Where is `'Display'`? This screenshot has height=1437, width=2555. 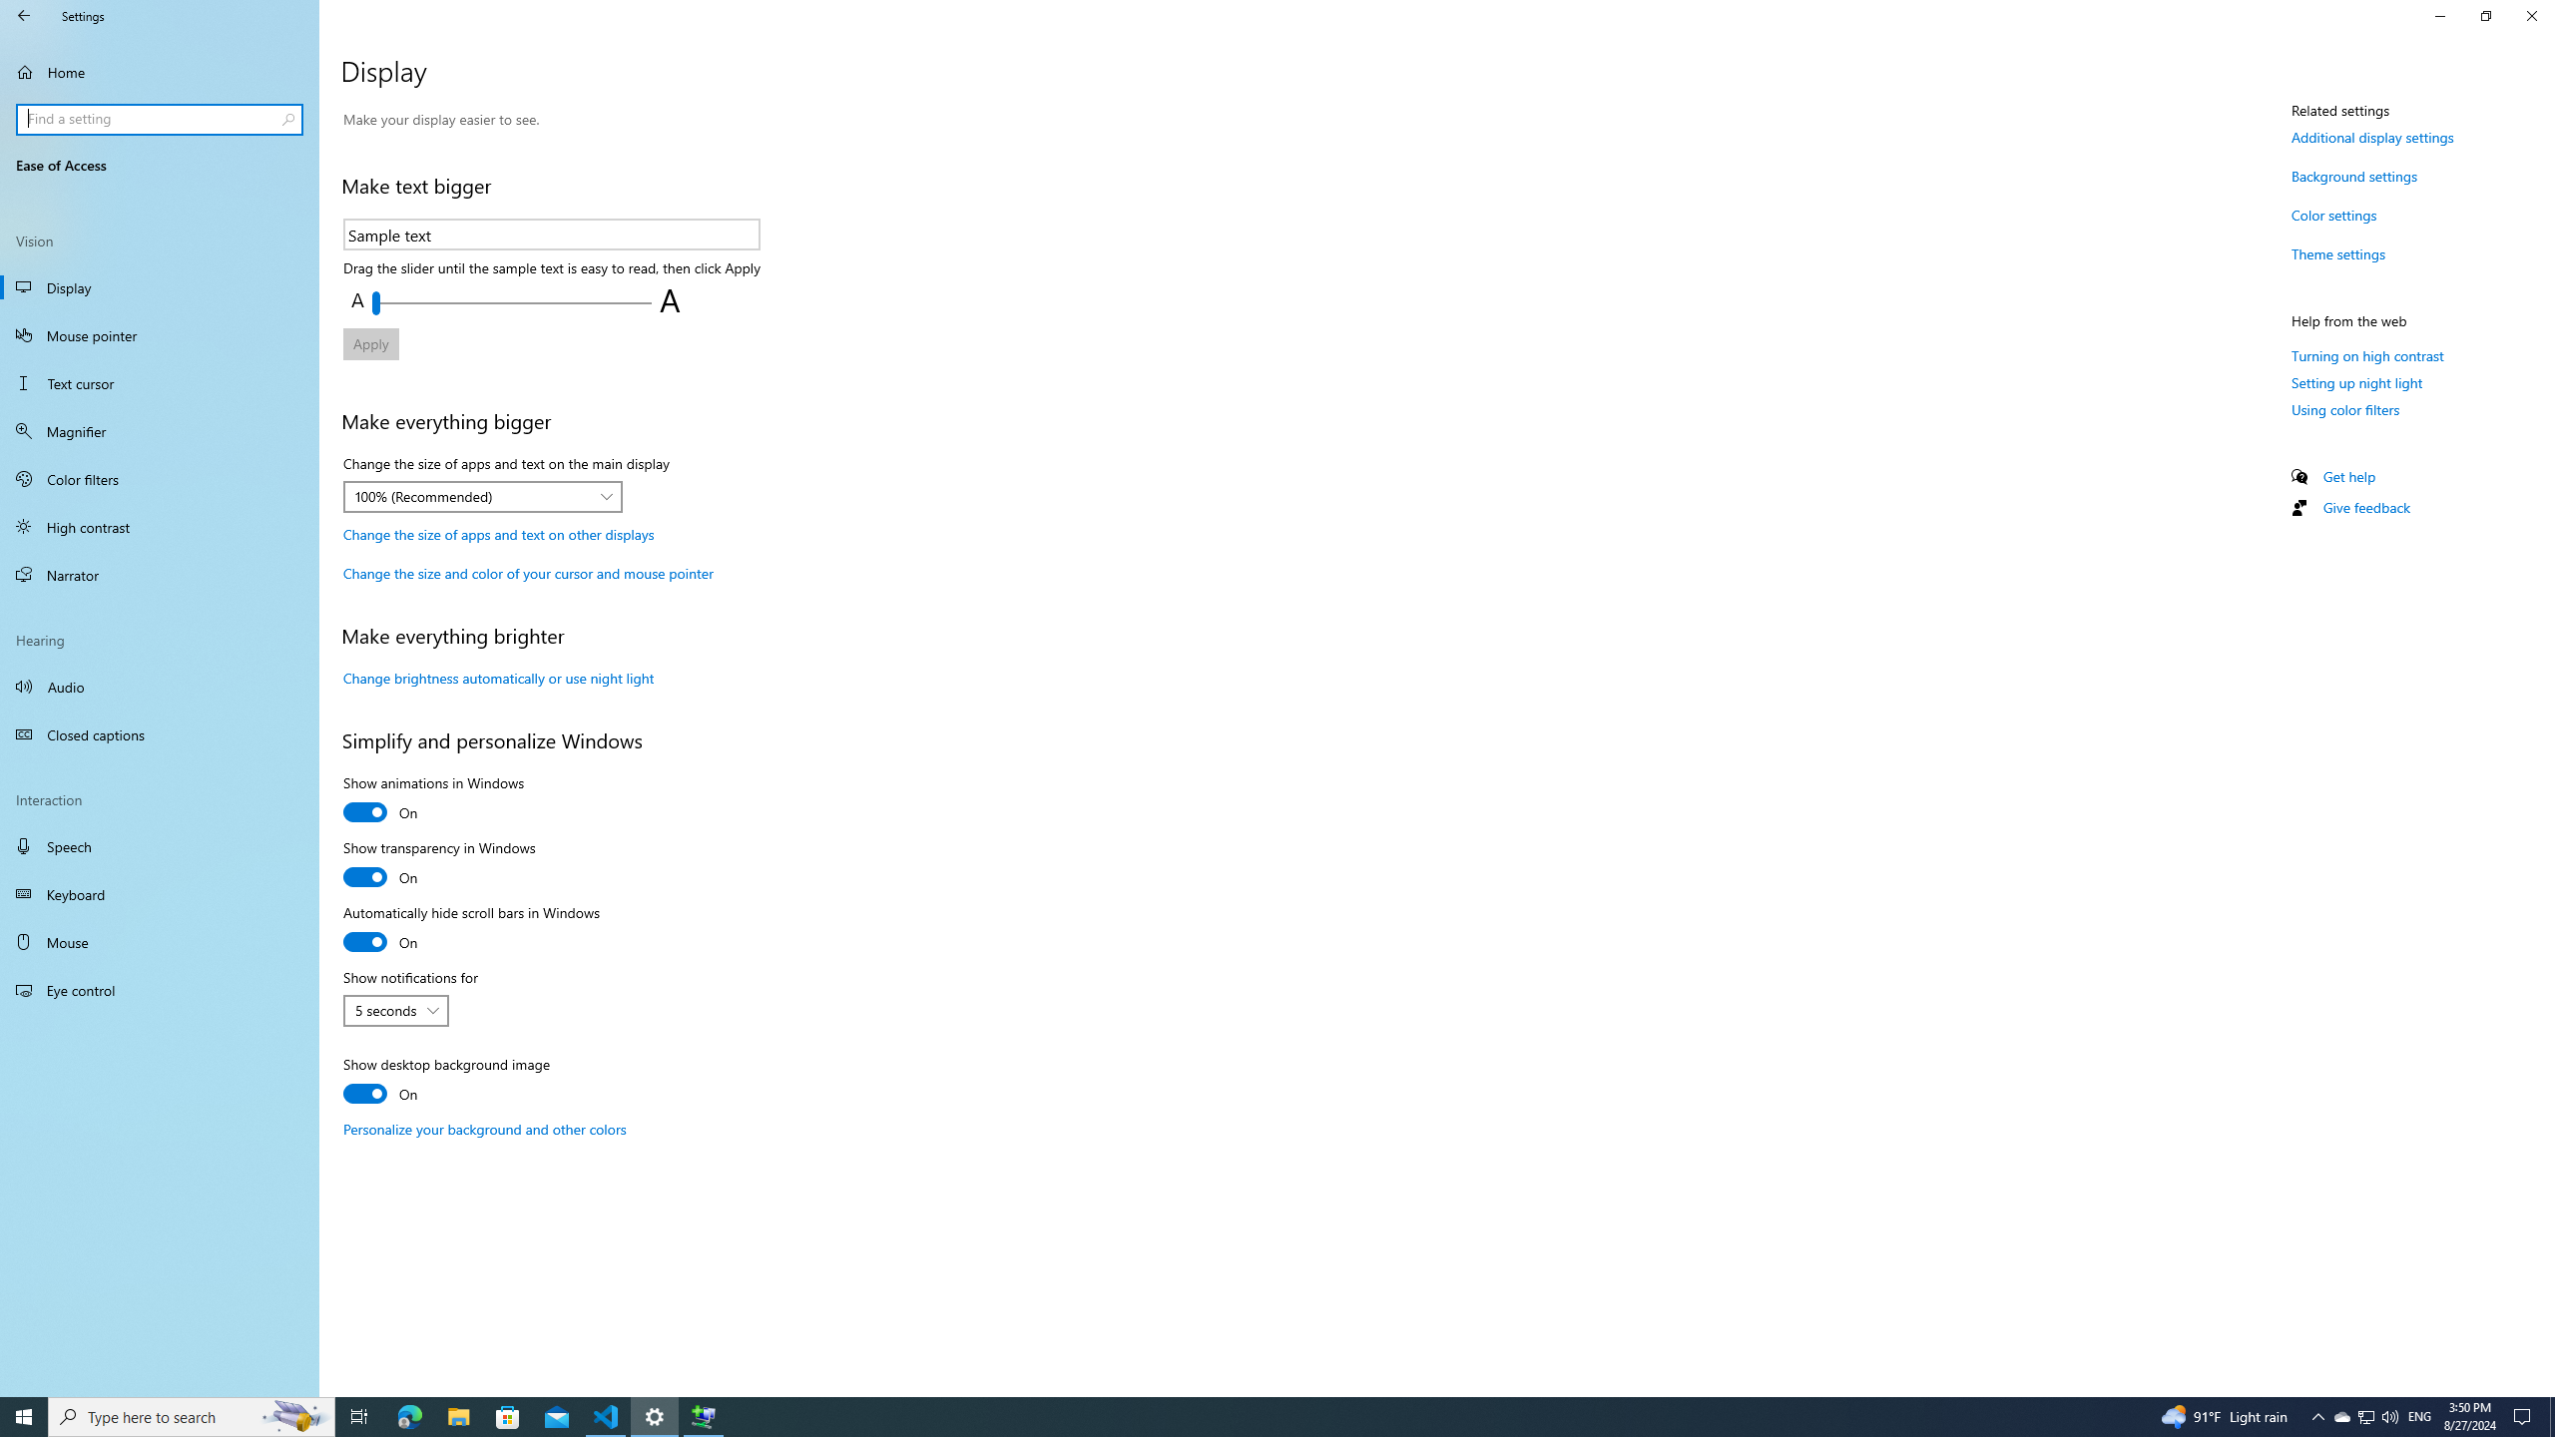
'Display' is located at coordinates (159, 286).